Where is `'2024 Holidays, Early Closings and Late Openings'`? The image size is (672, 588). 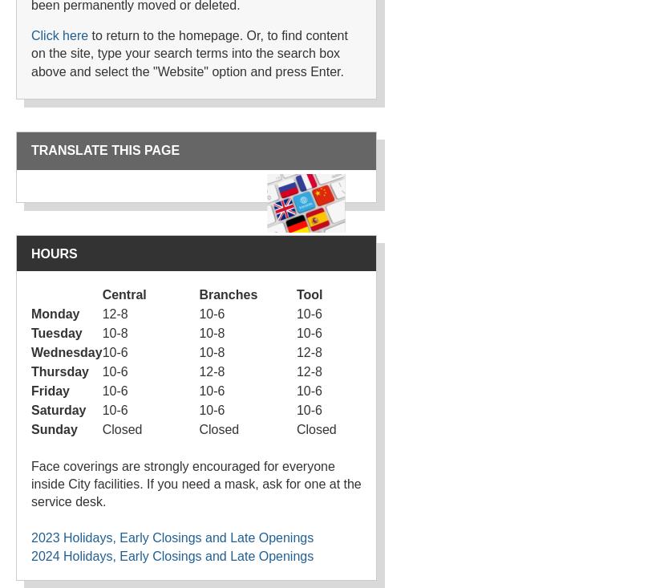 '2024 Holidays, Early Closings and Late Openings' is located at coordinates (172, 555).